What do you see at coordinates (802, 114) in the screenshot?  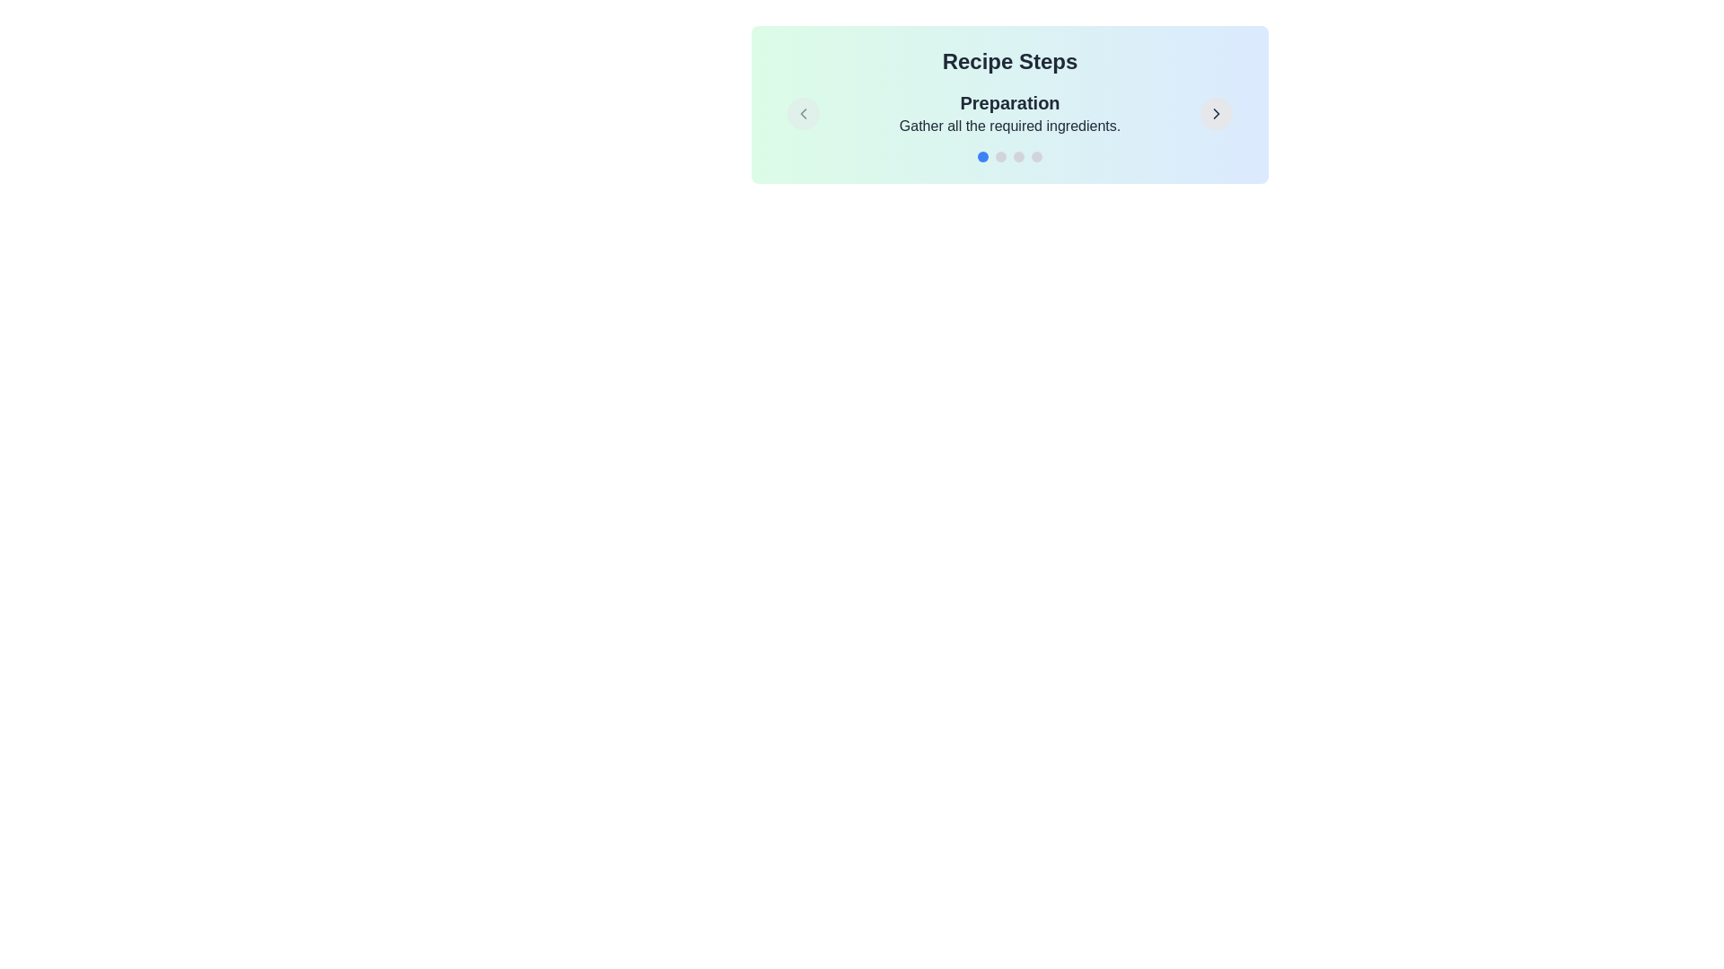 I see `the circular arrow button on the far left side of the navigation bar` at bounding box center [802, 114].